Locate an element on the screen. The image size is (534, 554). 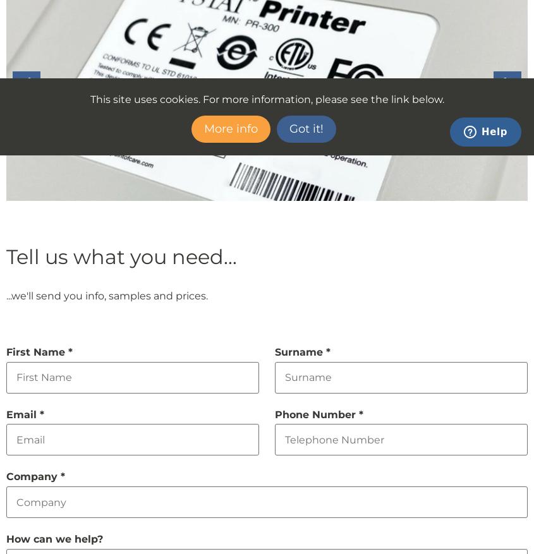
'...we'll send you info, samples and prices.' is located at coordinates (5, 296).